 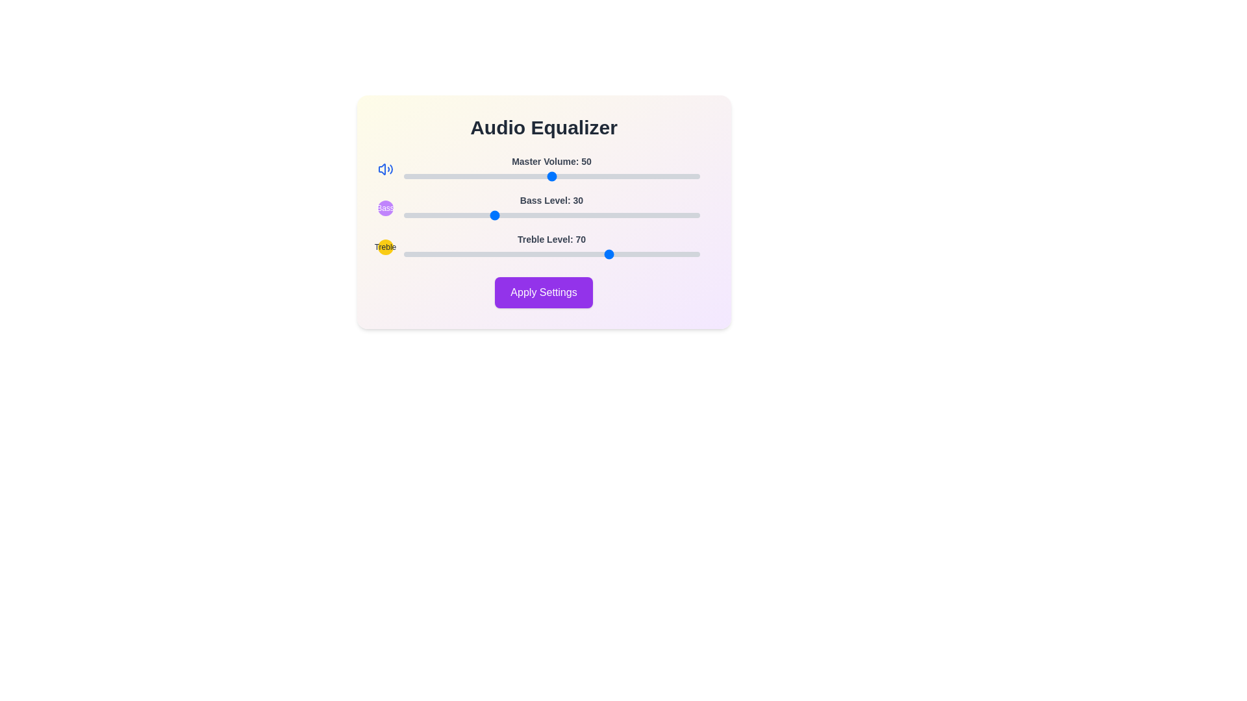 I want to click on Treble Level, so click(x=616, y=254).